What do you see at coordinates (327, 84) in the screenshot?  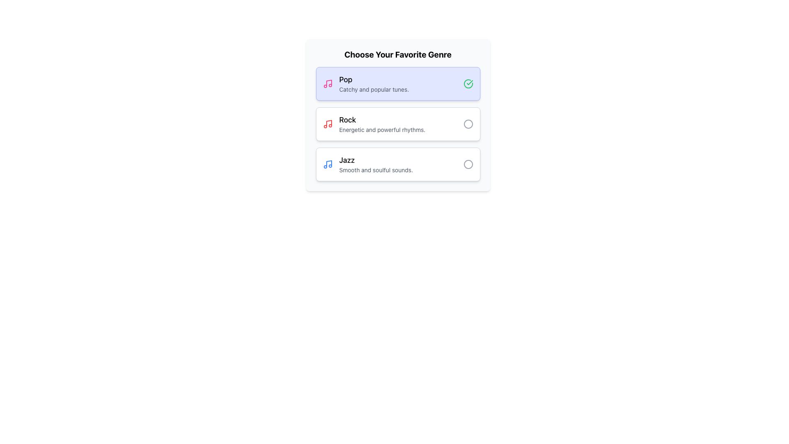 I see `the genre icon for 'Pop', which is the first icon in the list of genre cards, located to the left of the text area` at bounding box center [327, 84].